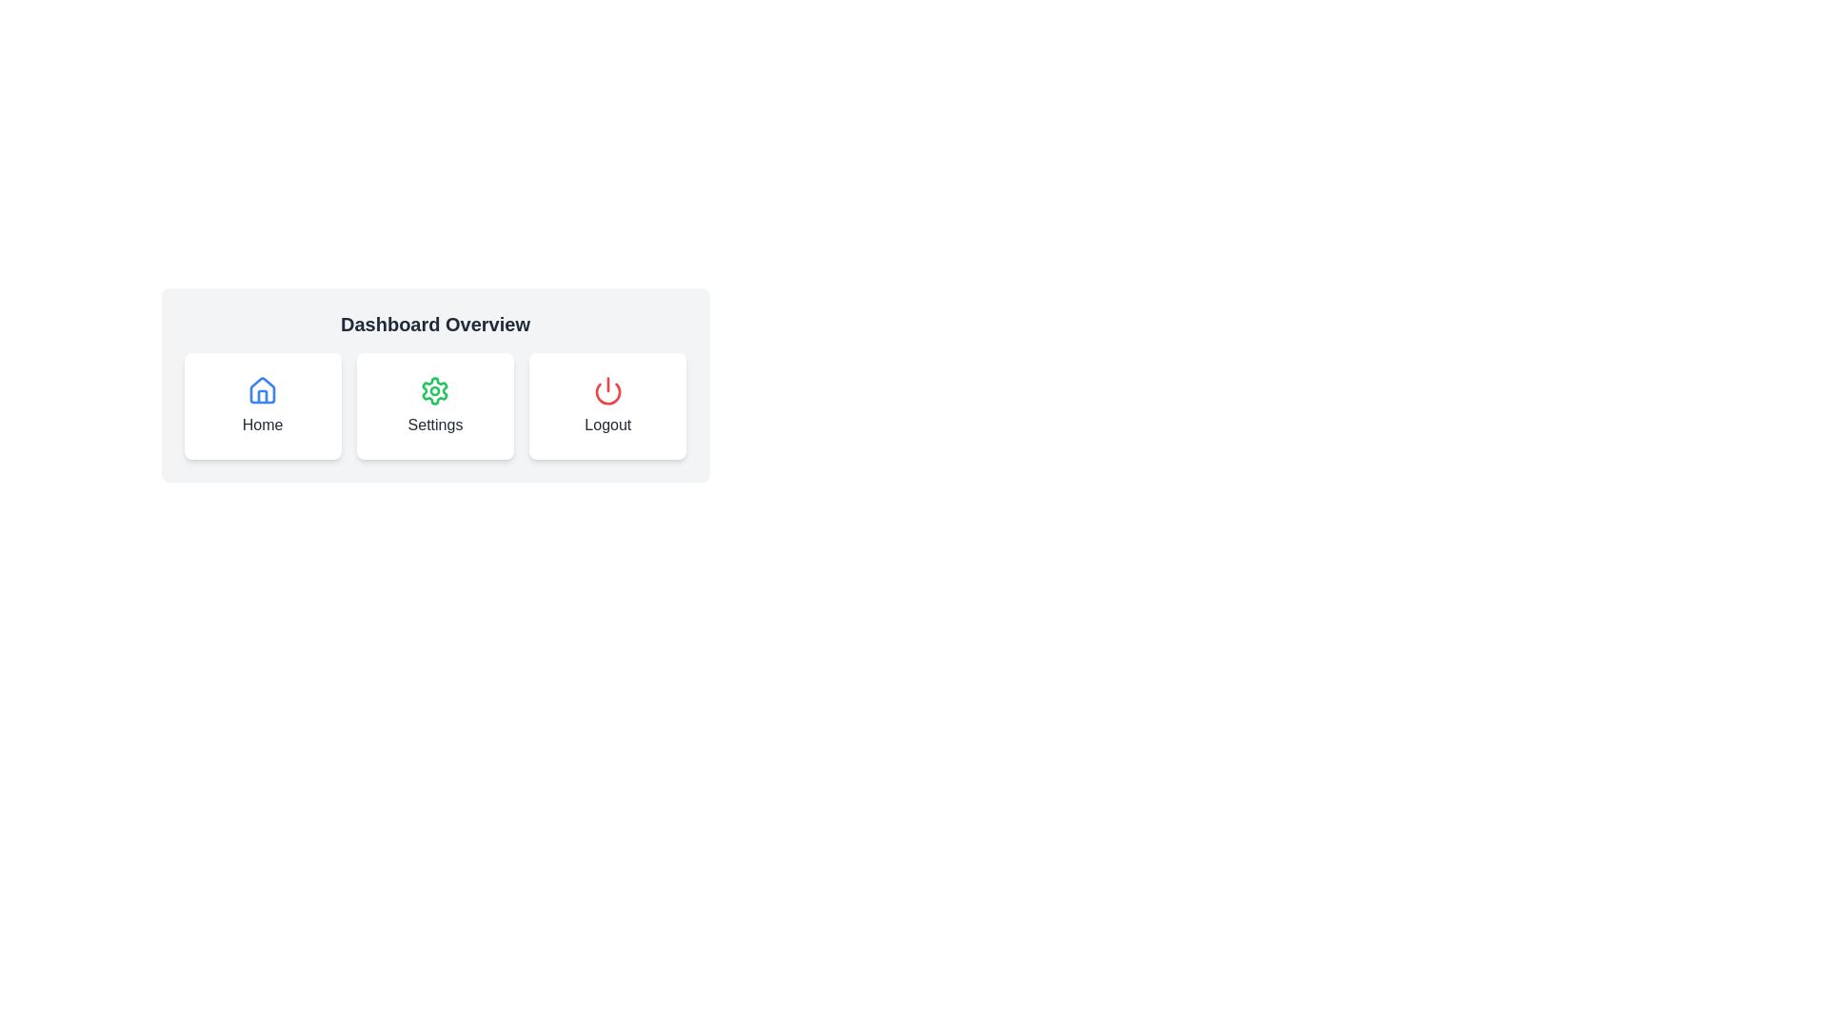  I want to click on the 'Home' icon located above the 'Home' text label within the leftmost card of three cards at the bottom of the interface, so click(262, 390).